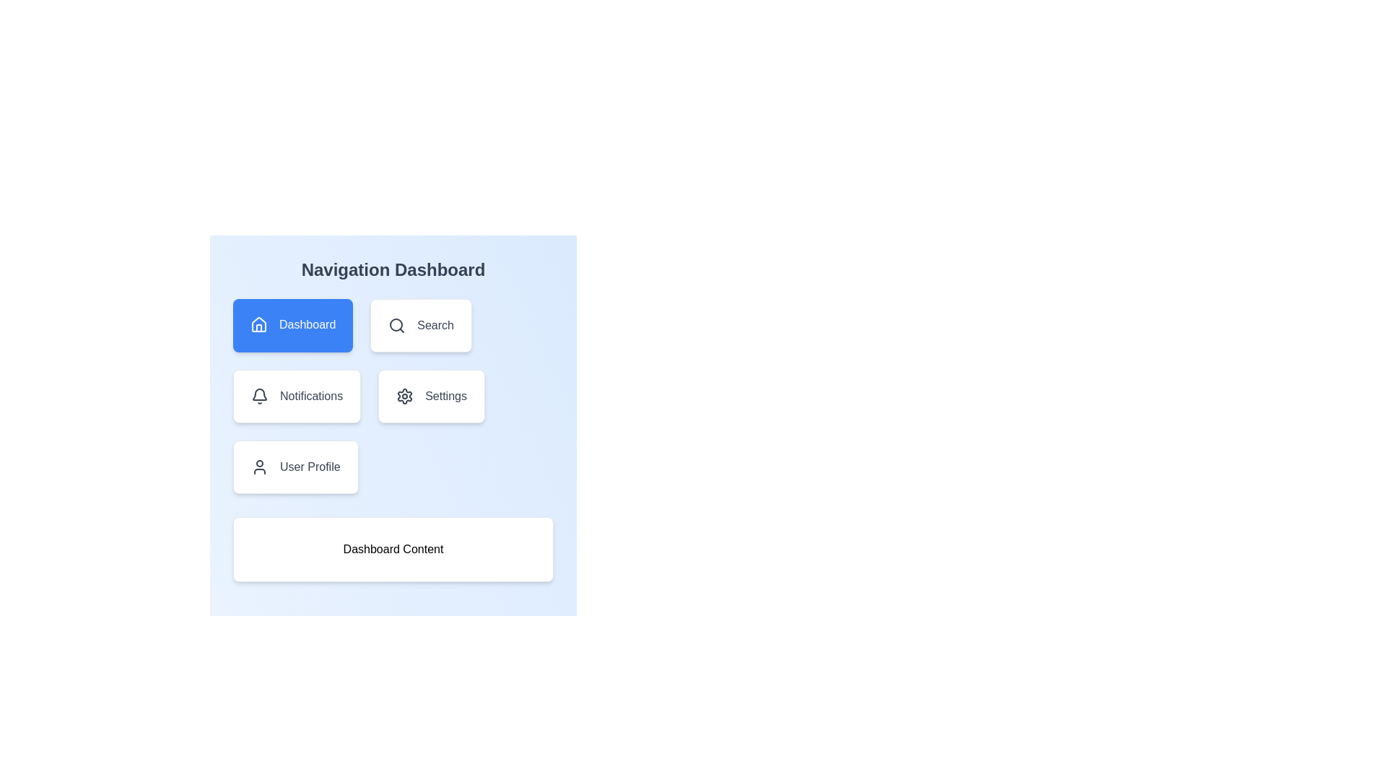 This screenshot has width=1386, height=780. I want to click on door section of the house icon in the navigation dashboard by using developer tools, so click(259, 328).